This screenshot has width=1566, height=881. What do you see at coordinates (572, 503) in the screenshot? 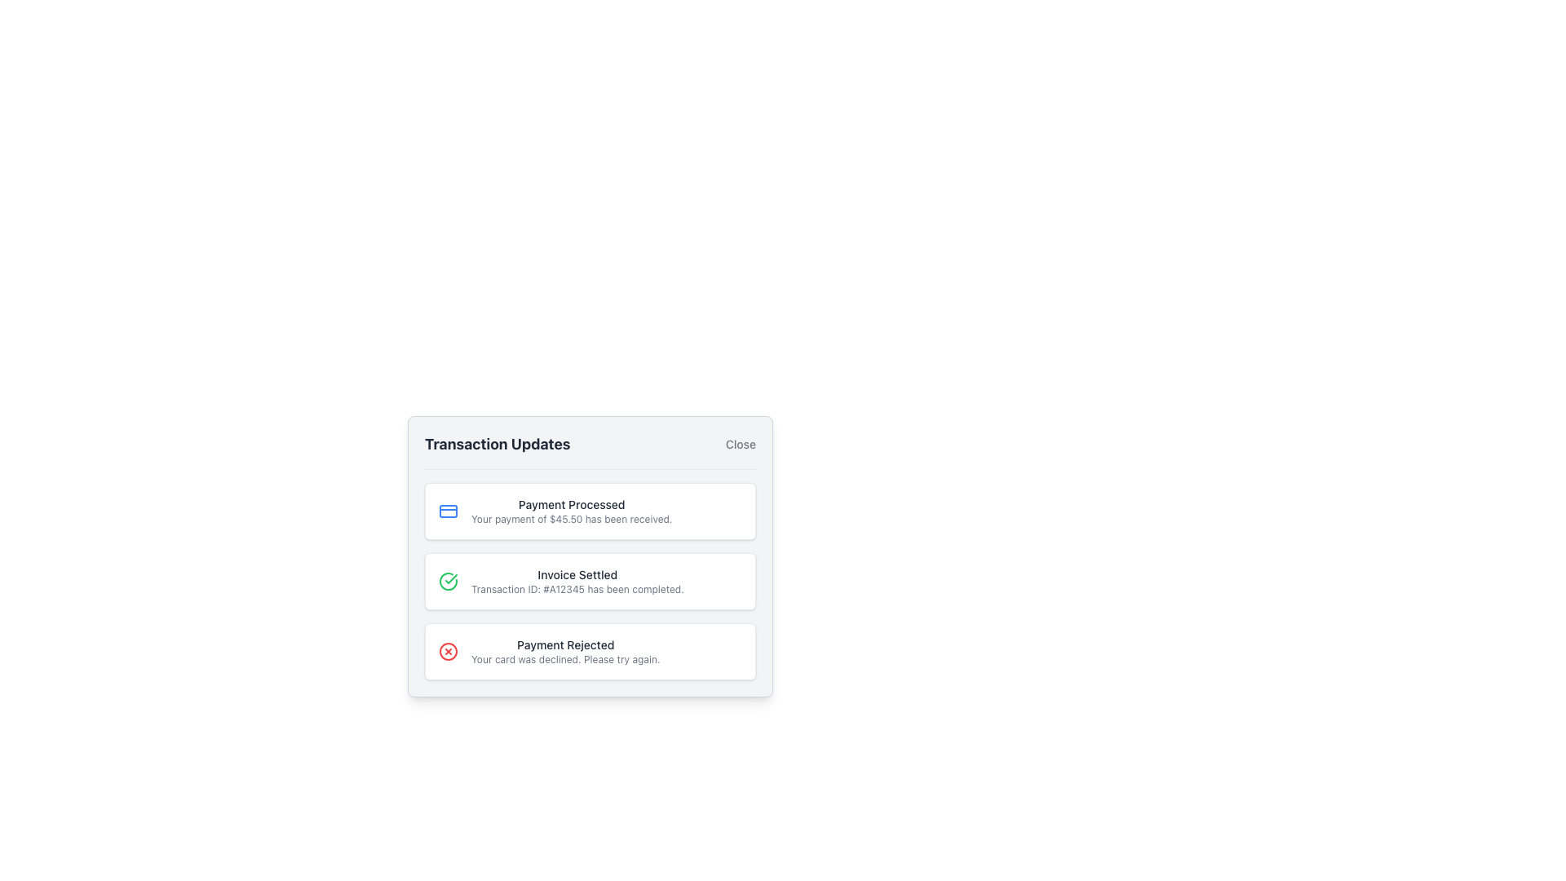
I see `the status header text label indicating that a payment has been processed within the 'Transaction Updates' modal` at bounding box center [572, 503].